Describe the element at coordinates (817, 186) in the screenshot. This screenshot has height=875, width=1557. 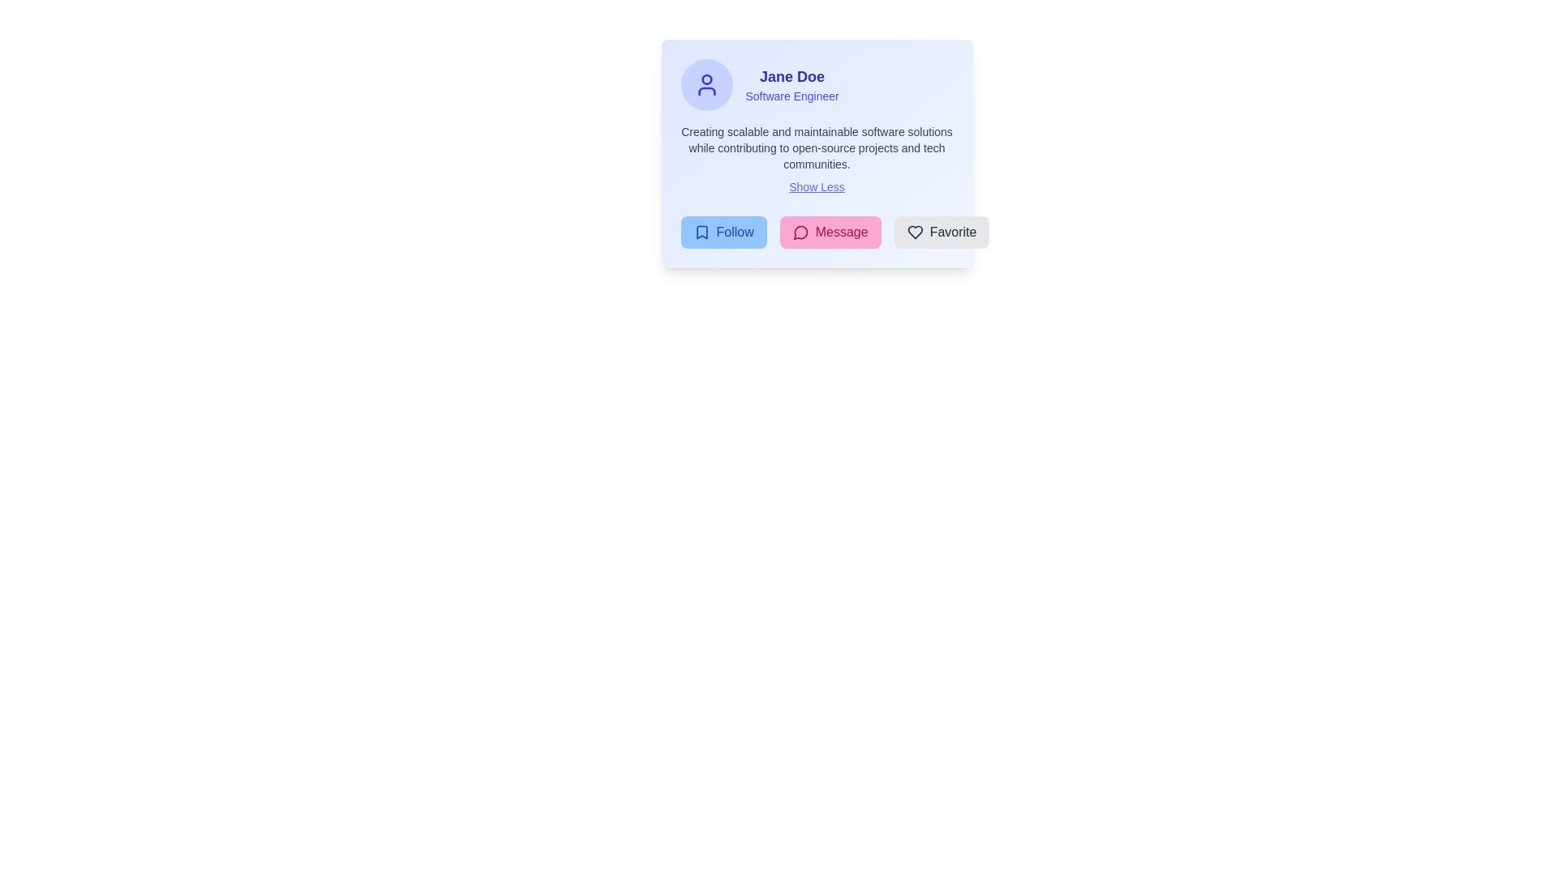
I see `the clickable link located below the descriptive text in the user profile card` at that location.